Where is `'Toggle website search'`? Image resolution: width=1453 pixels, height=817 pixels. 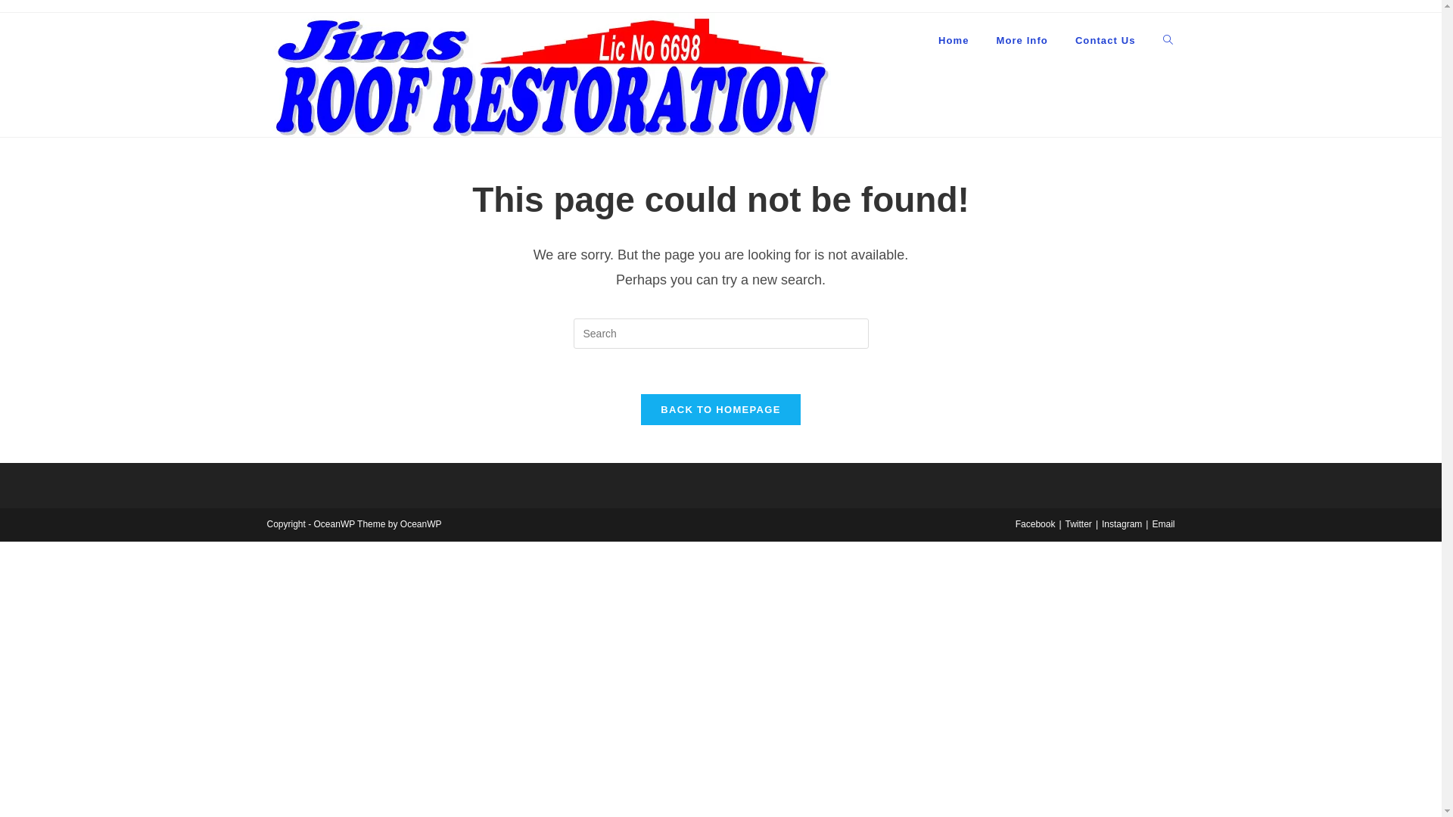
'Toggle website search' is located at coordinates (1166, 40).